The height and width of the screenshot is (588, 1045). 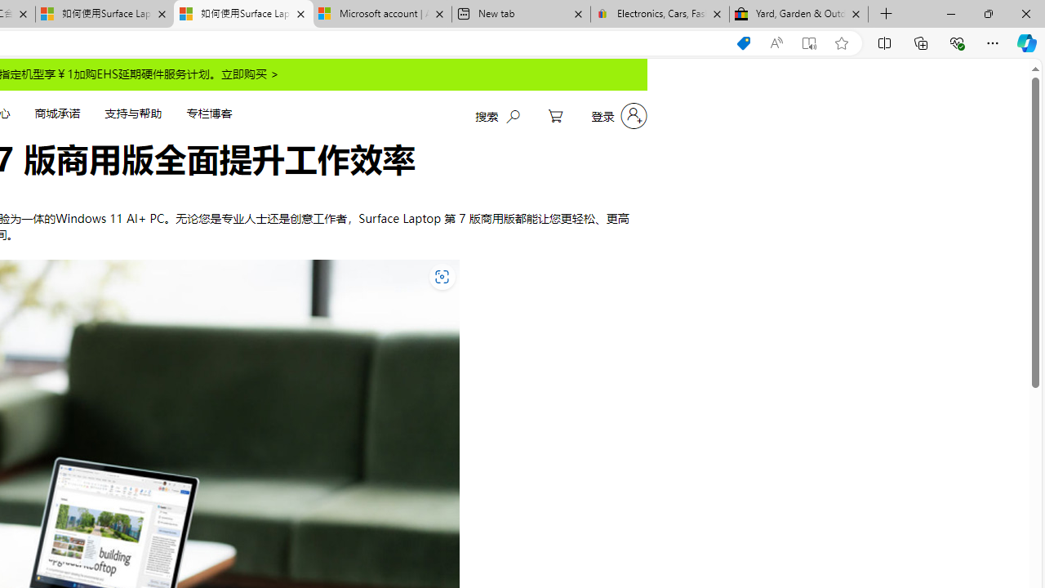 I want to click on 'My Cart', so click(x=555, y=115).